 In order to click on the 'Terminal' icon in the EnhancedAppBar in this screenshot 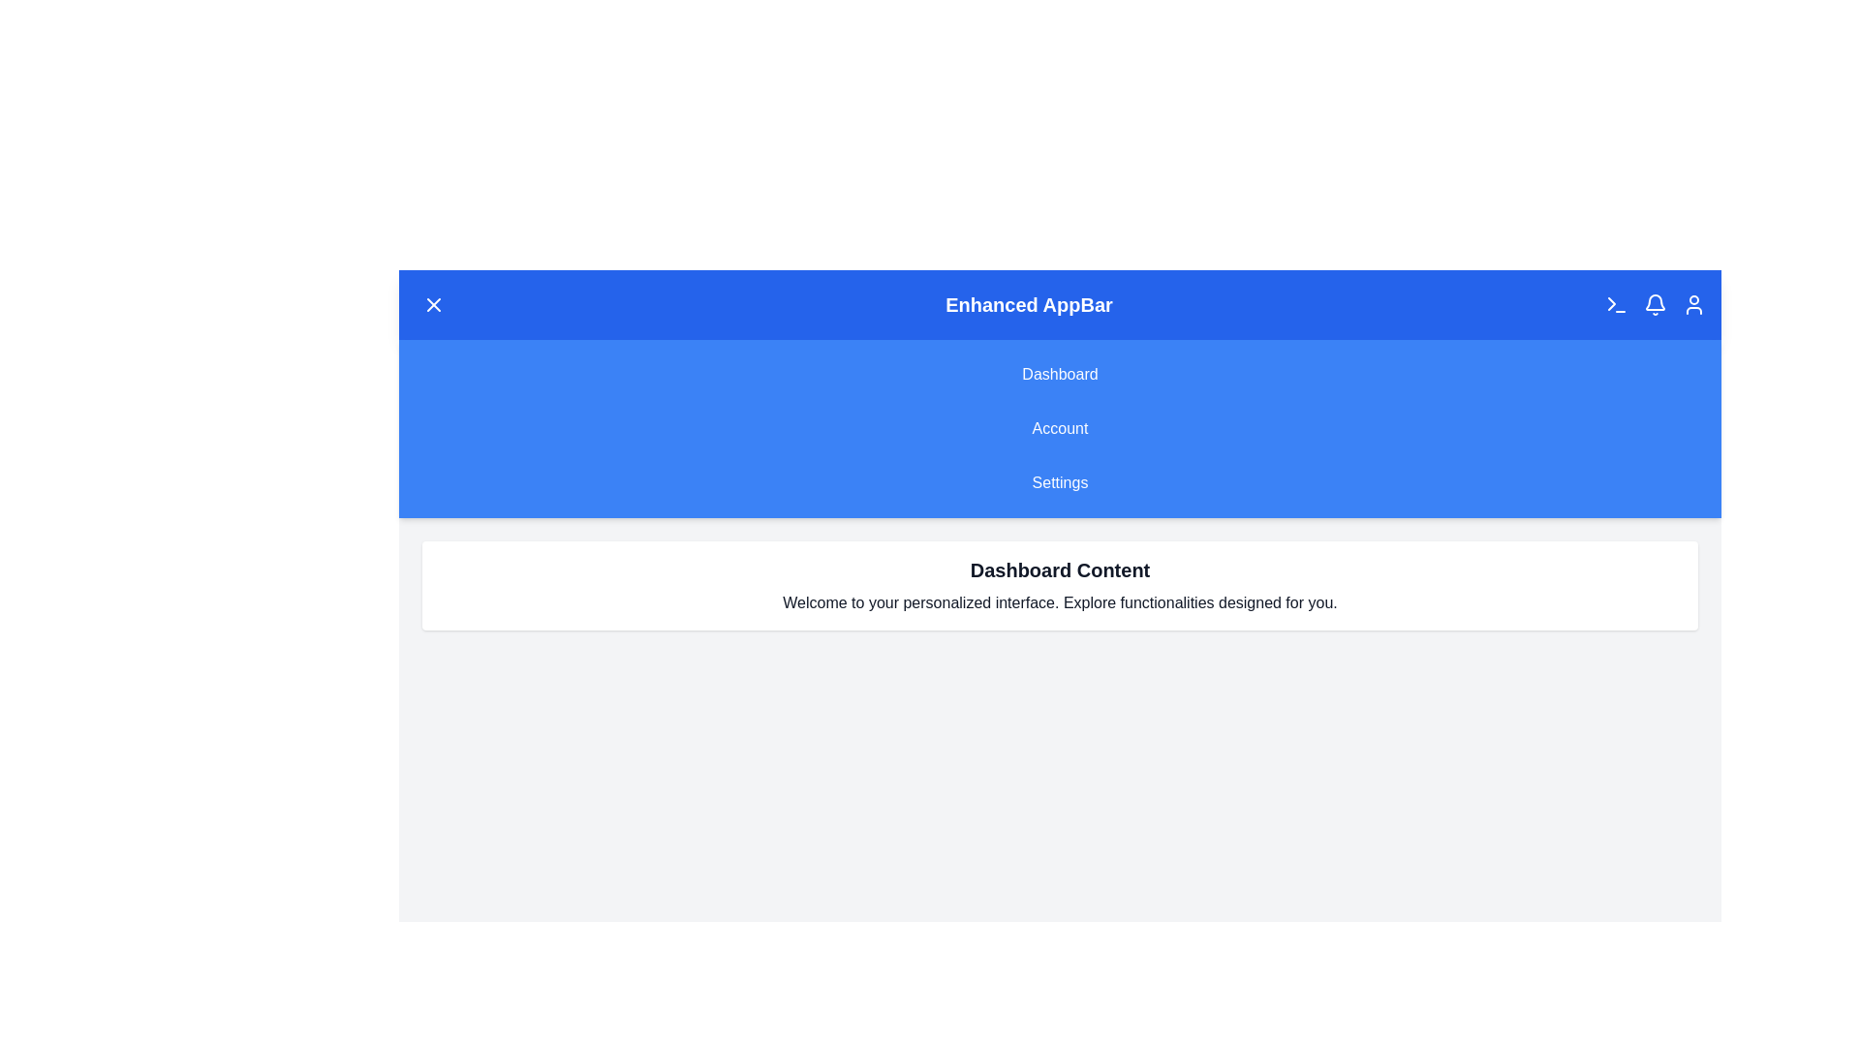, I will do `click(1617, 305)`.